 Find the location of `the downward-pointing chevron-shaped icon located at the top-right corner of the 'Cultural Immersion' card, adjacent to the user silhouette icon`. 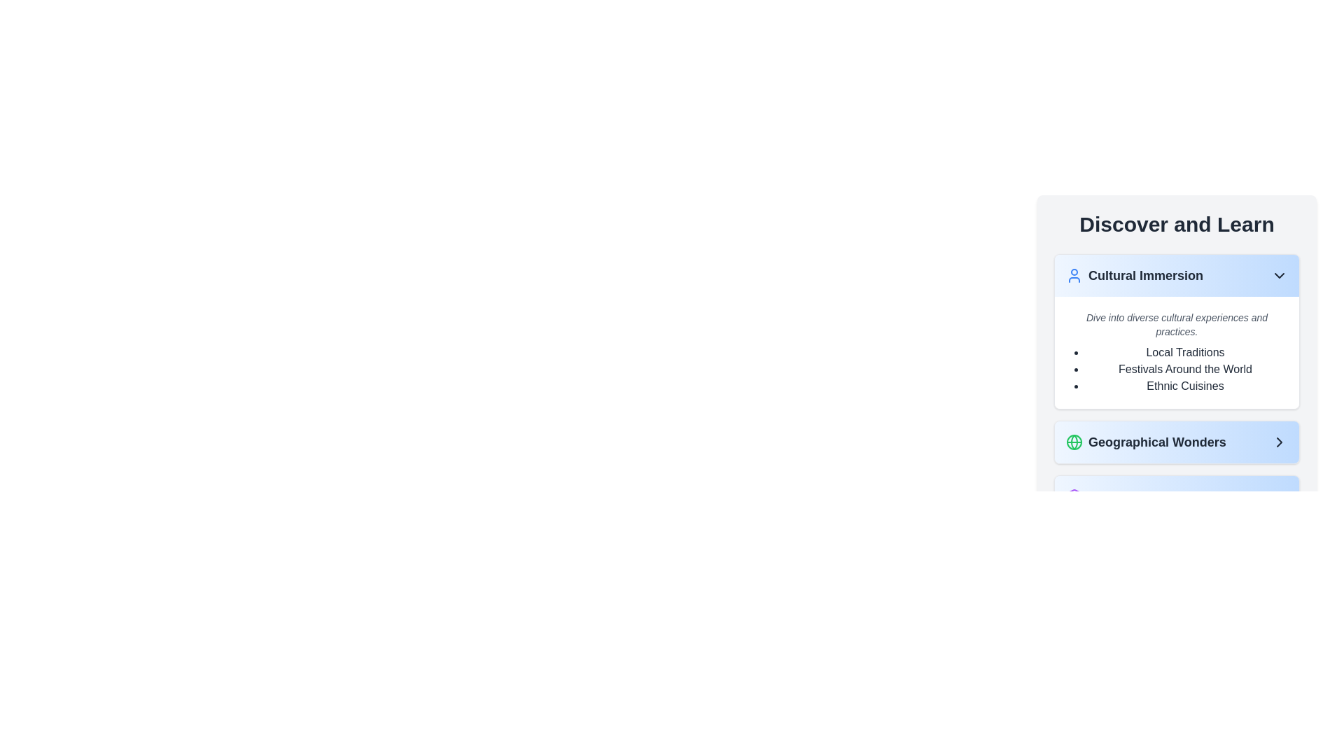

the downward-pointing chevron-shaped icon located at the top-right corner of the 'Cultural Immersion' card, adjacent to the user silhouette icon is located at coordinates (1280, 275).